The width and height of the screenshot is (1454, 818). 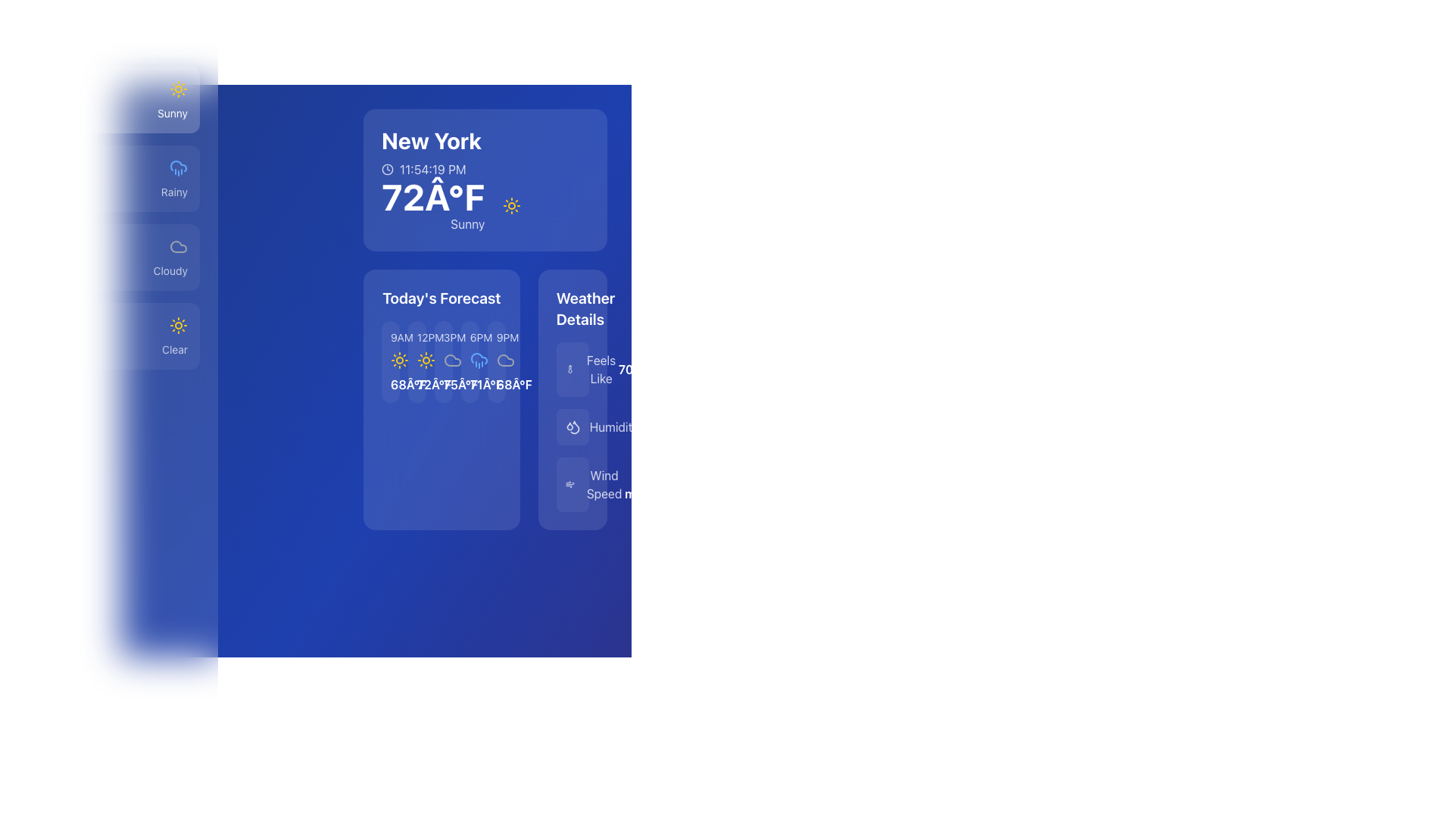 What do you see at coordinates (572, 485) in the screenshot?
I see `the icon associated with the 'Wind Speed' information display block, which shows the wind icon and the text '12 mph' in the Weather Details section` at bounding box center [572, 485].